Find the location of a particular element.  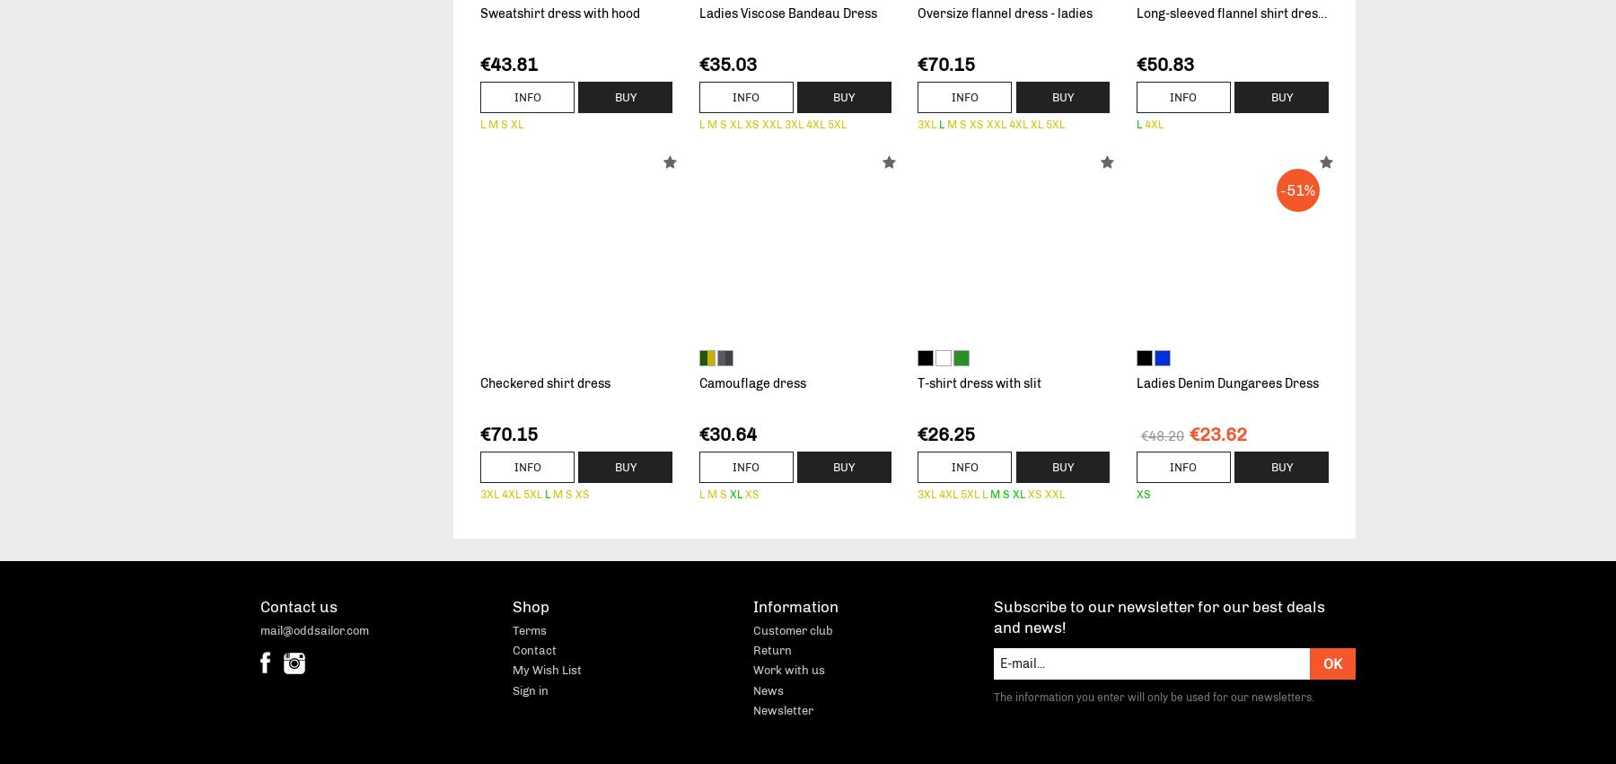

'Camouflage dress' is located at coordinates (751, 382).